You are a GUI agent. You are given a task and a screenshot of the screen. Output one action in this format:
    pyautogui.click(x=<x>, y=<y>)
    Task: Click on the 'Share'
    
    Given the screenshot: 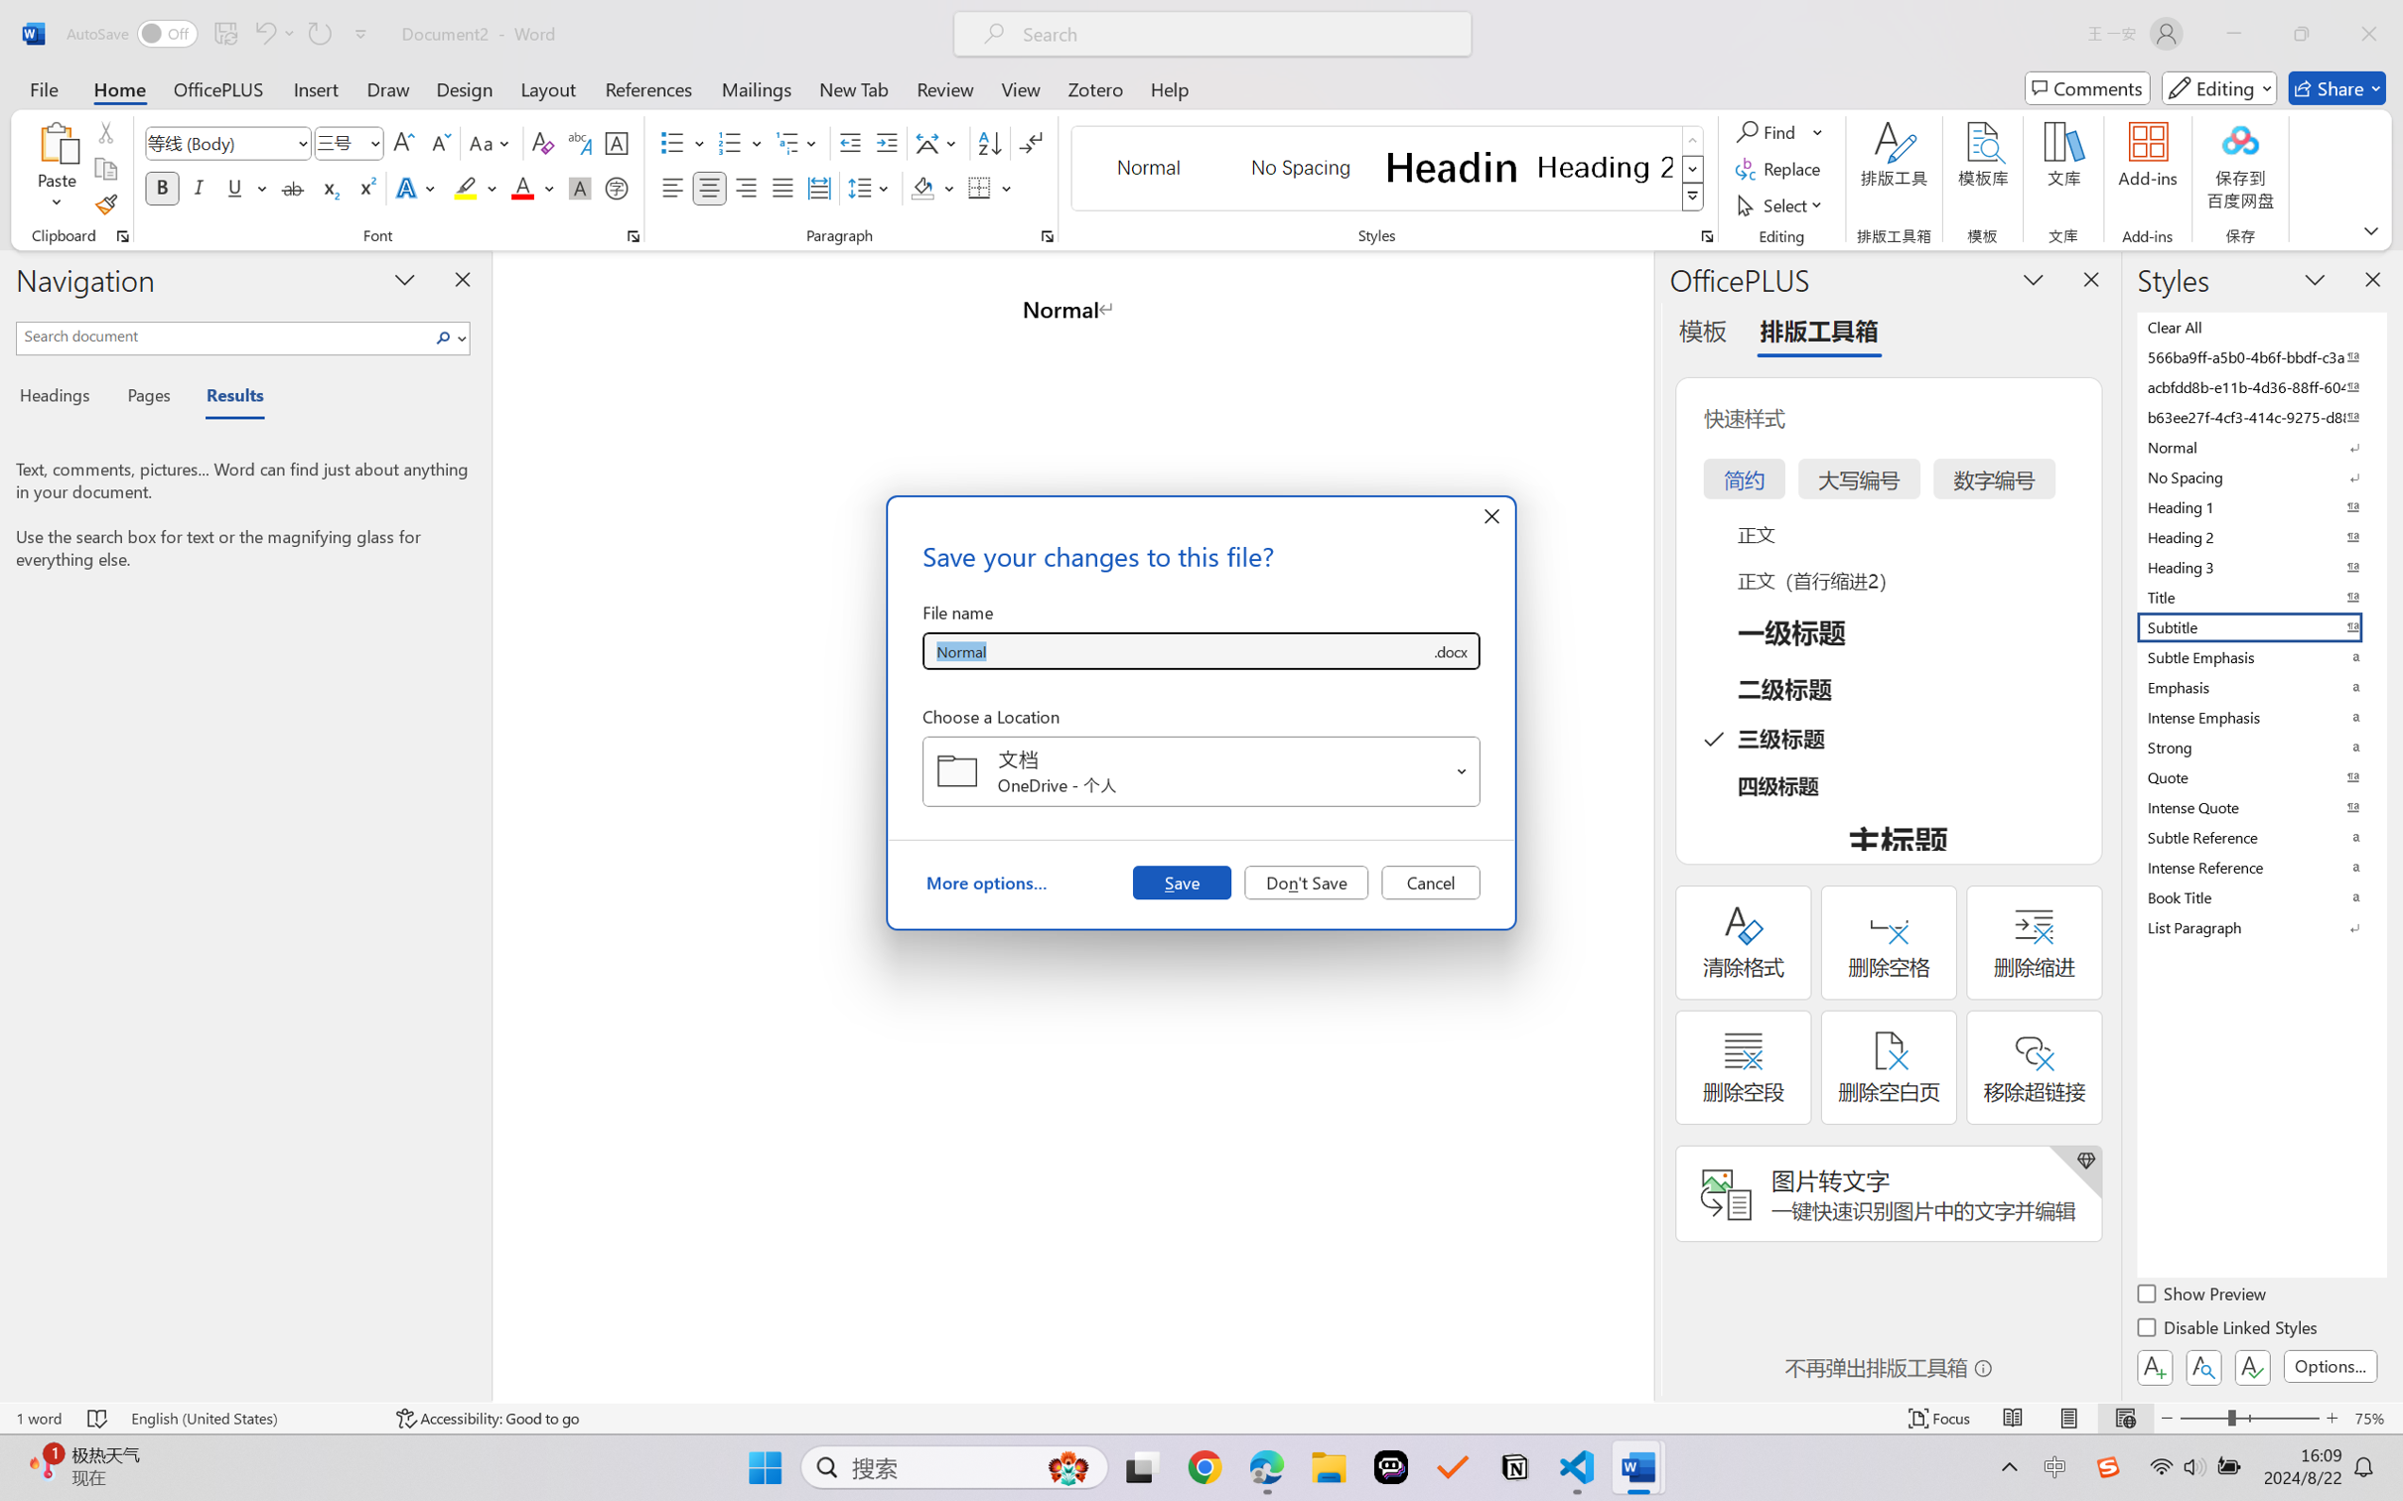 What is the action you would take?
    pyautogui.click(x=2335, y=87)
    